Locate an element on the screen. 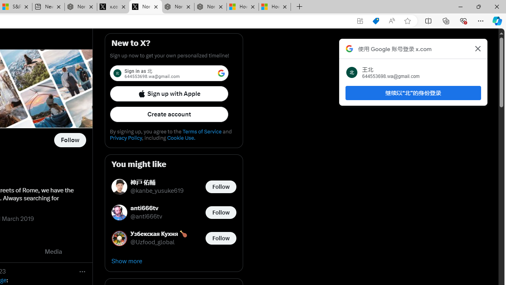 The width and height of the screenshot is (506, 285). 'App available. Install X' is located at coordinates (359, 21).